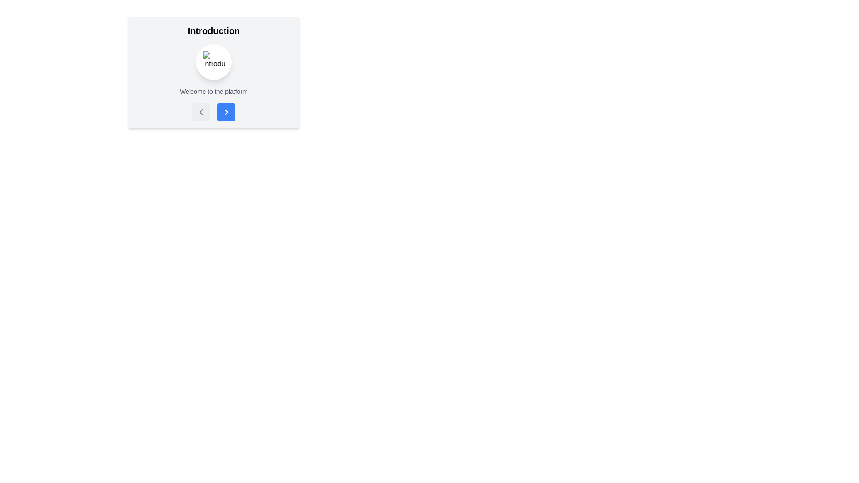  Describe the element at coordinates (201, 111) in the screenshot. I see `the left-pointing chevron icon located within the navigation controls of the 'Introduction' interface card, positioned to the left of the blue right-pointing chevron button` at that location.